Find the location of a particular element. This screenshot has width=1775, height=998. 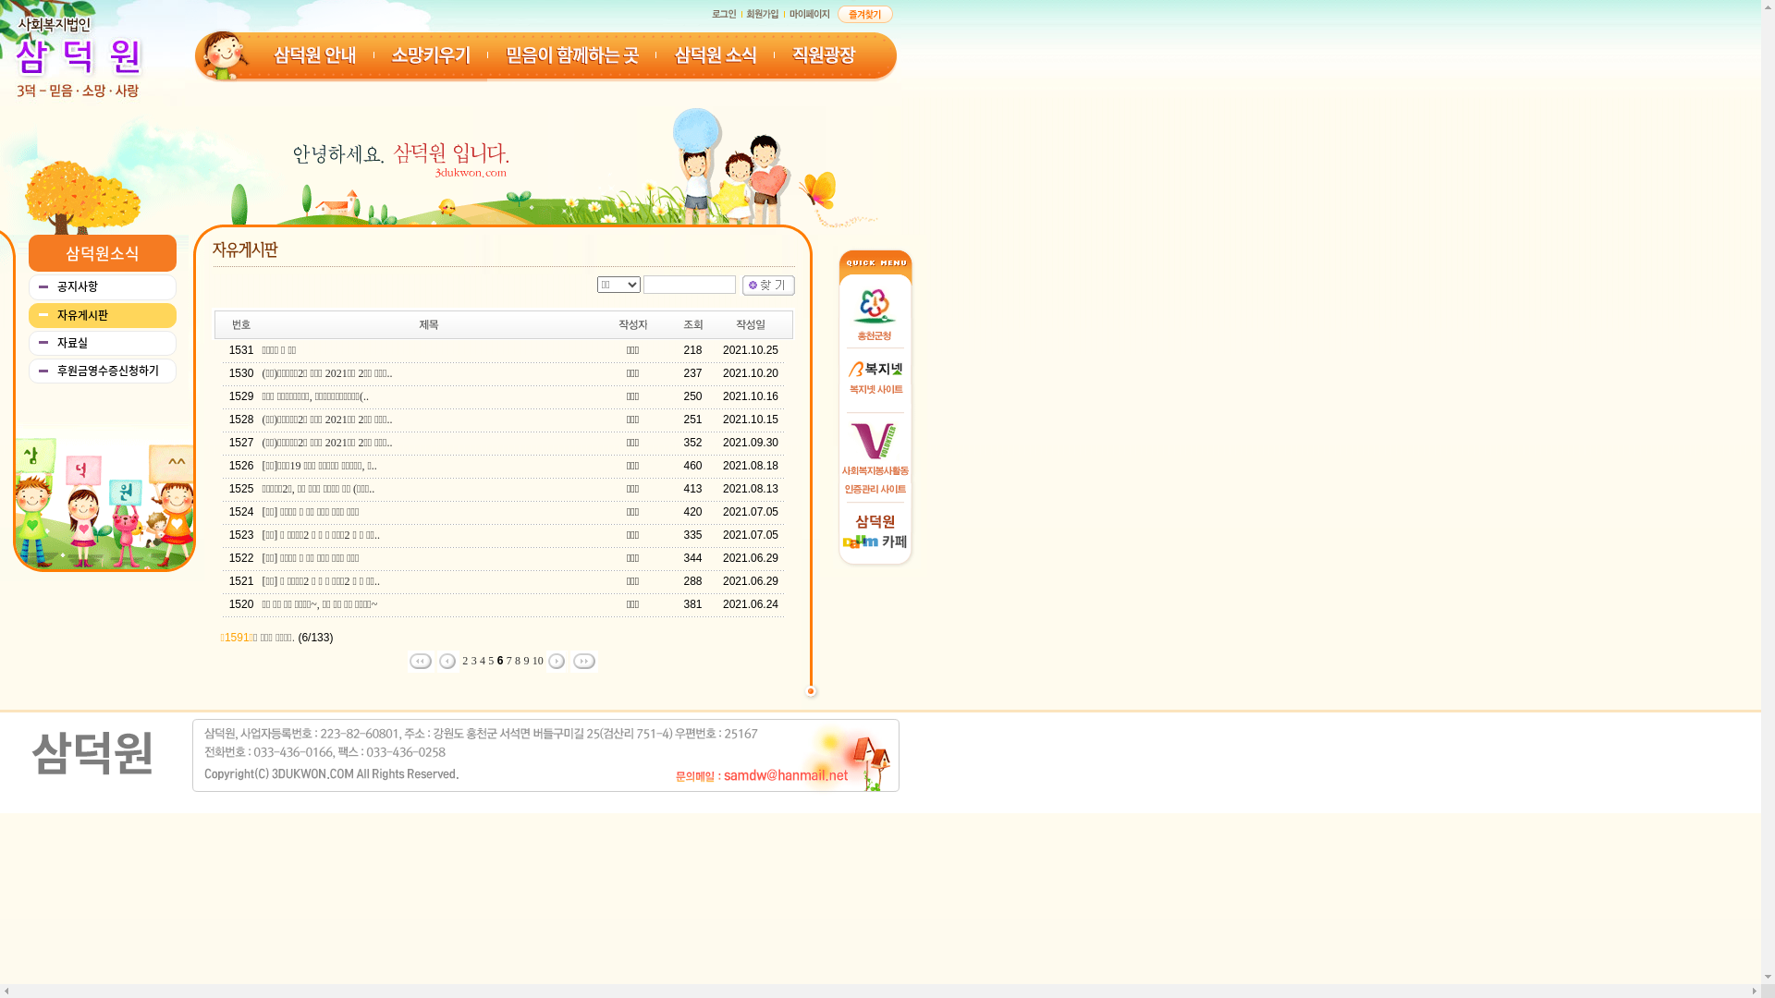

'4' is located at coordinates (483, 659).